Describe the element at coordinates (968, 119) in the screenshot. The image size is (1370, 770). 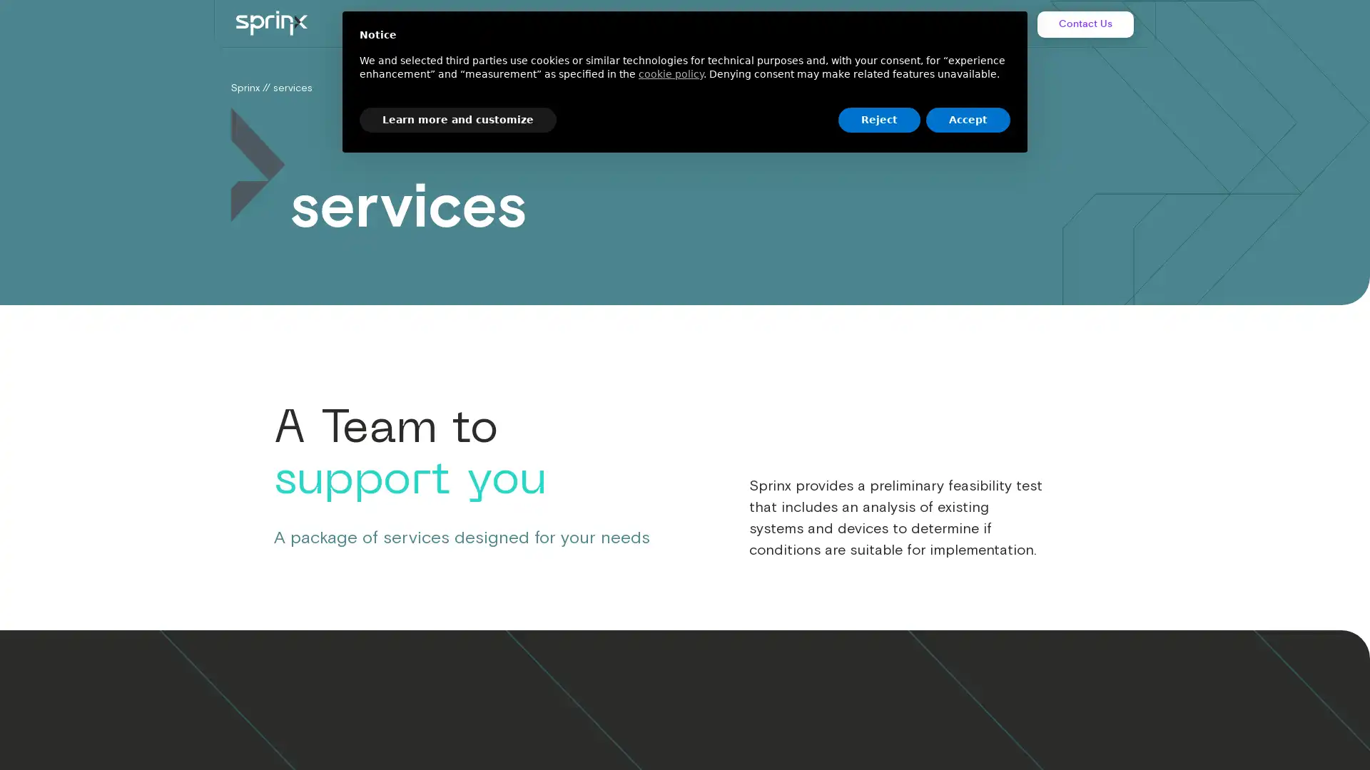
I see `Accept` at that location.